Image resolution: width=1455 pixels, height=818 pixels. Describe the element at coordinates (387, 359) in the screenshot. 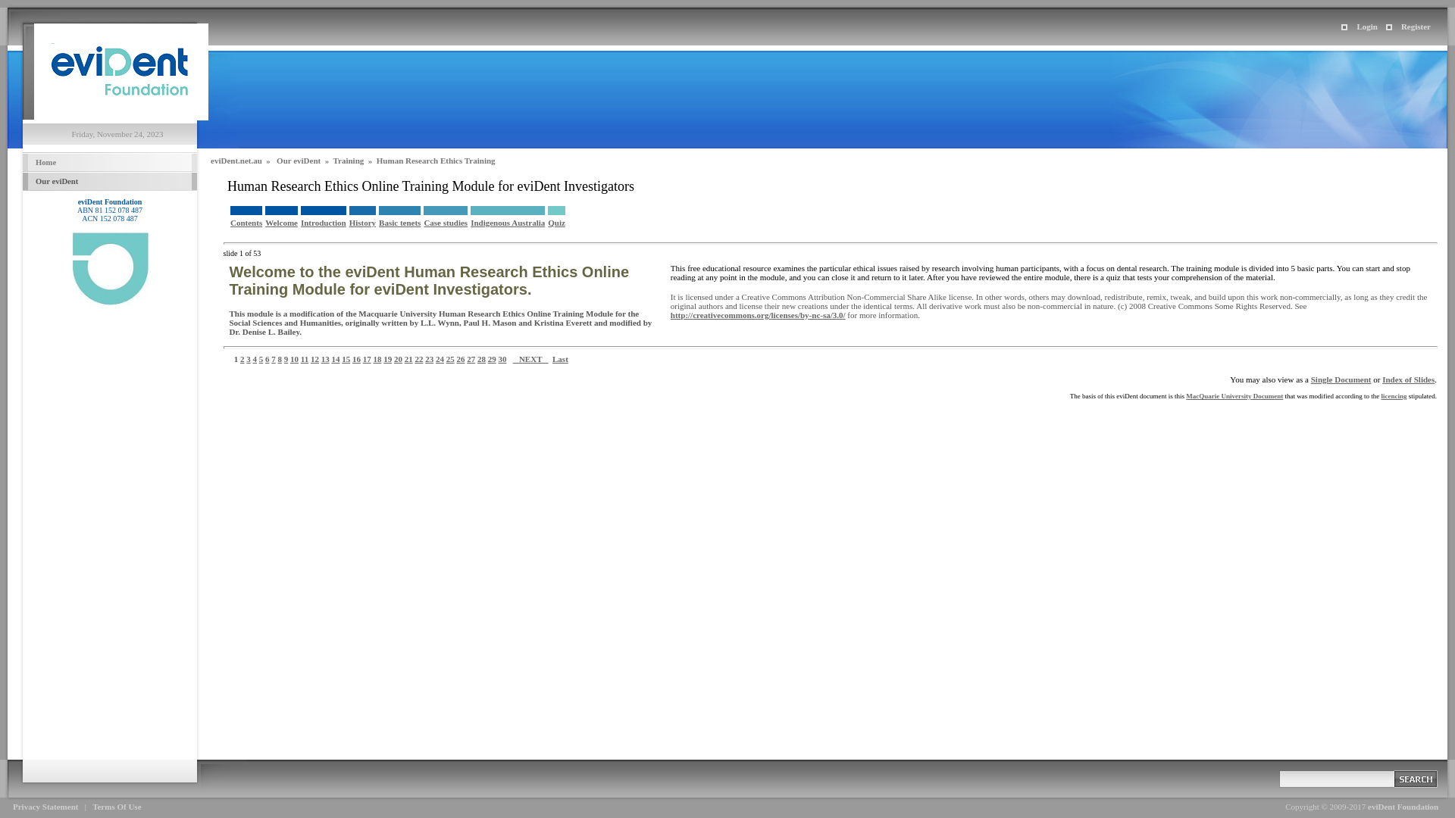

I see `'19'` at that location.